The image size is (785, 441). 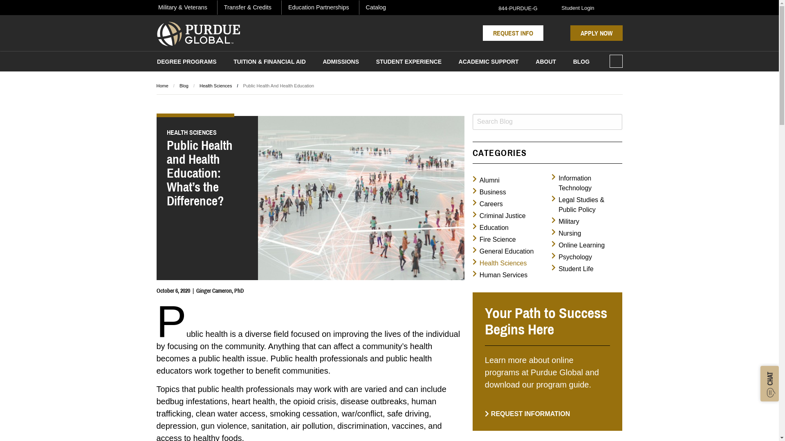 I want to click on 'REQUEST INFO', so click(x=512, y=33).